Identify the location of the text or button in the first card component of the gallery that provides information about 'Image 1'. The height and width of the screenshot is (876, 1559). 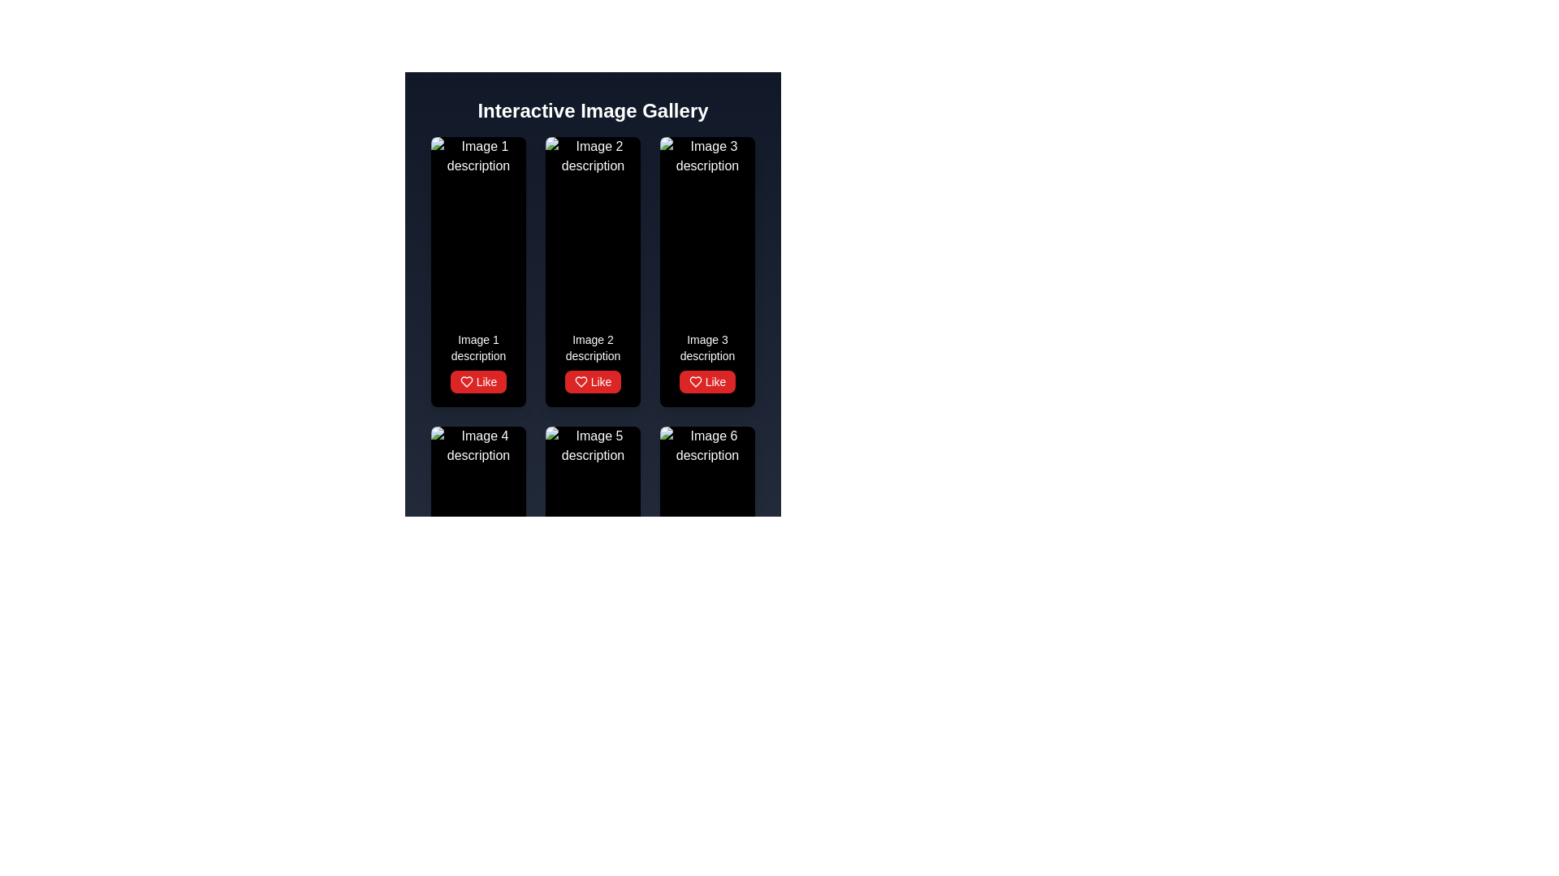
(477, 362).